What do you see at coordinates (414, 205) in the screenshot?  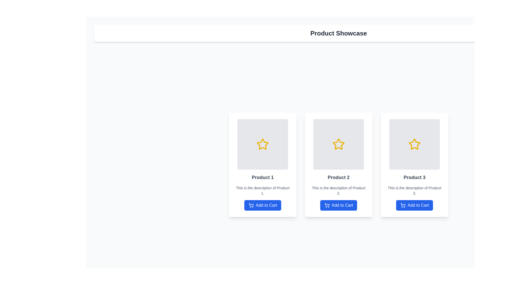 I see `the 'Add to Cart' button for 'Product 3'` at bounding box center [414, 205].